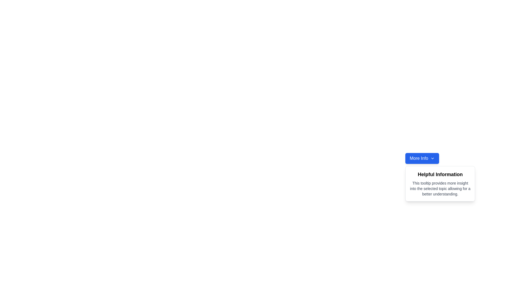 This screenshot has height=294, width=523. I want to click on the icon located at the far right side of the blue 'More Info' button, which indicates an expandable menu or additional information, so click(432, 158).